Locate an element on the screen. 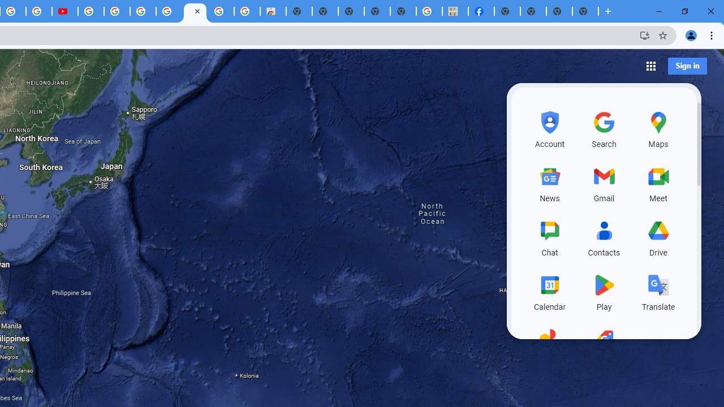  'Install Google Maps' is located at coordinates (644, 34).